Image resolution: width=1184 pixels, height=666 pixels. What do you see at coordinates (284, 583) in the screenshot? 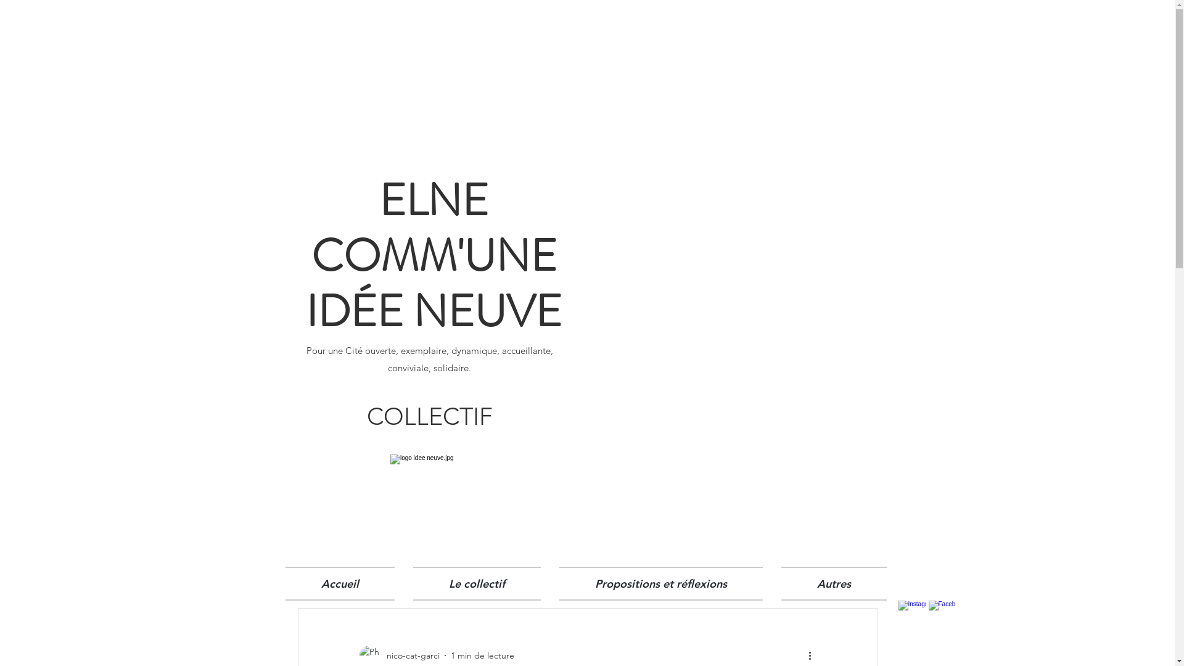
I see `'Accueil'` at bounding box center [284, 583].